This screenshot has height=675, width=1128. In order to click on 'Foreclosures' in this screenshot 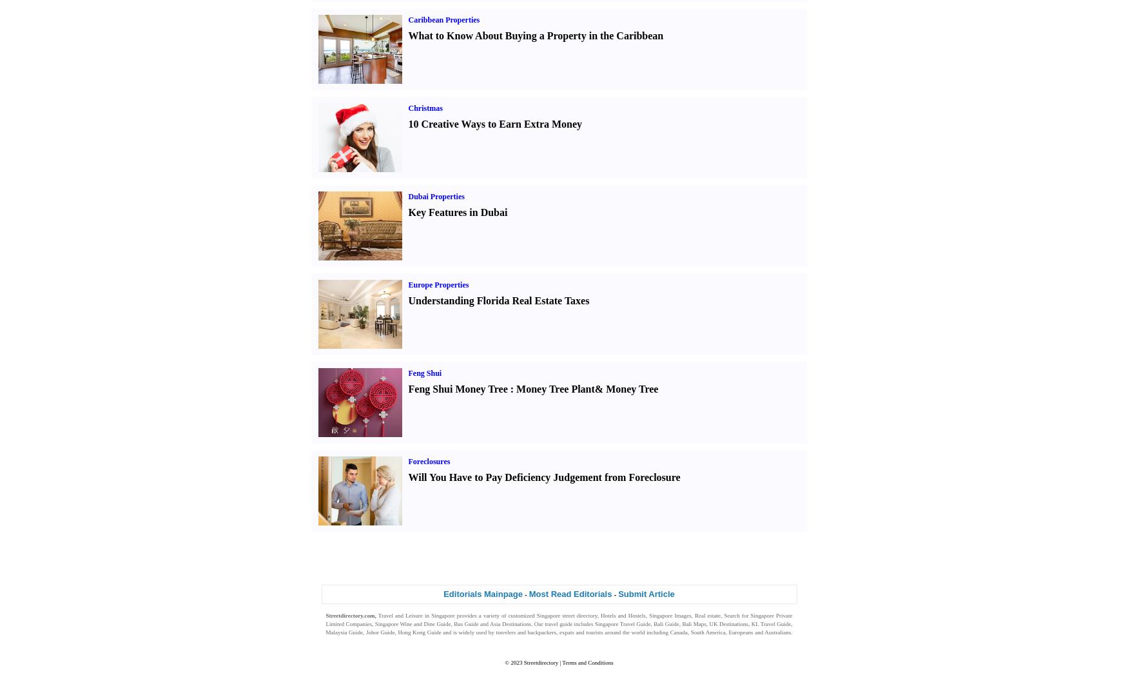, I will do `click(428, 462)`.